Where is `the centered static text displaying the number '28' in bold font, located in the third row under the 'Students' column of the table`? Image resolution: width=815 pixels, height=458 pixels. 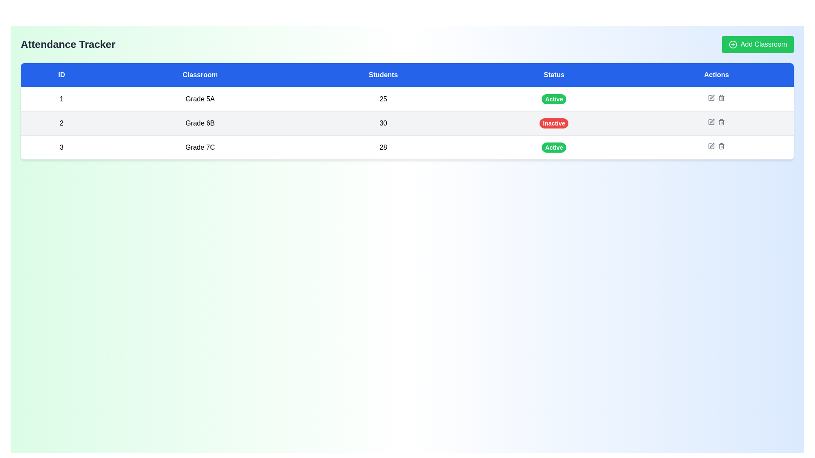
the centered static text displaying the number '28' in bold font, located in the third row under the 'Students' column of the table is located at coordinates (383, 147).